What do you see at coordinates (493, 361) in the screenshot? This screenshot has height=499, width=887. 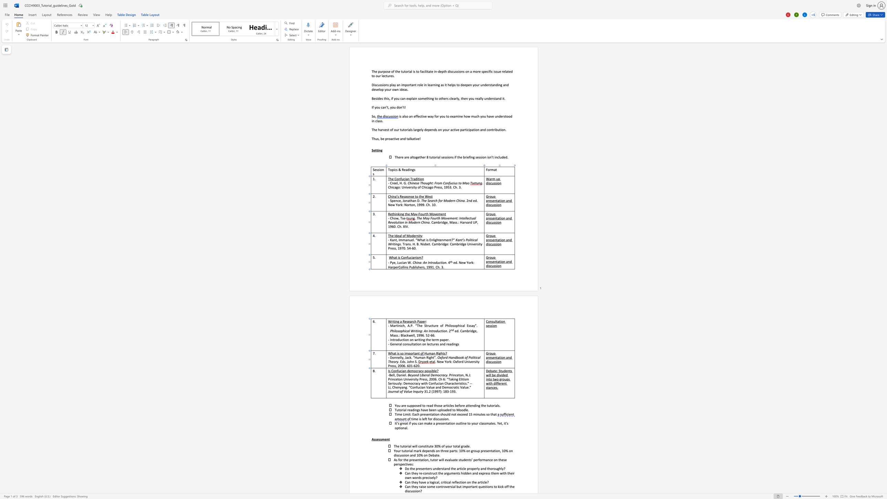 I see `the space between the continuous character "u" and "s" in the text` at bounding box center [493, 361].